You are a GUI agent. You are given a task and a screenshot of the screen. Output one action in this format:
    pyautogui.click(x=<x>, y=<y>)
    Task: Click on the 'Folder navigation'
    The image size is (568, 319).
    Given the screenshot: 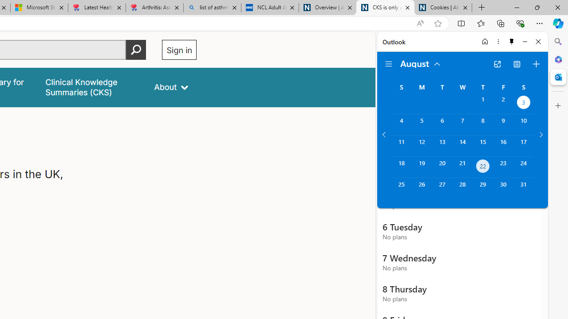 What is the action you would take?
    pyautogui.click(x=389, y=64)
    